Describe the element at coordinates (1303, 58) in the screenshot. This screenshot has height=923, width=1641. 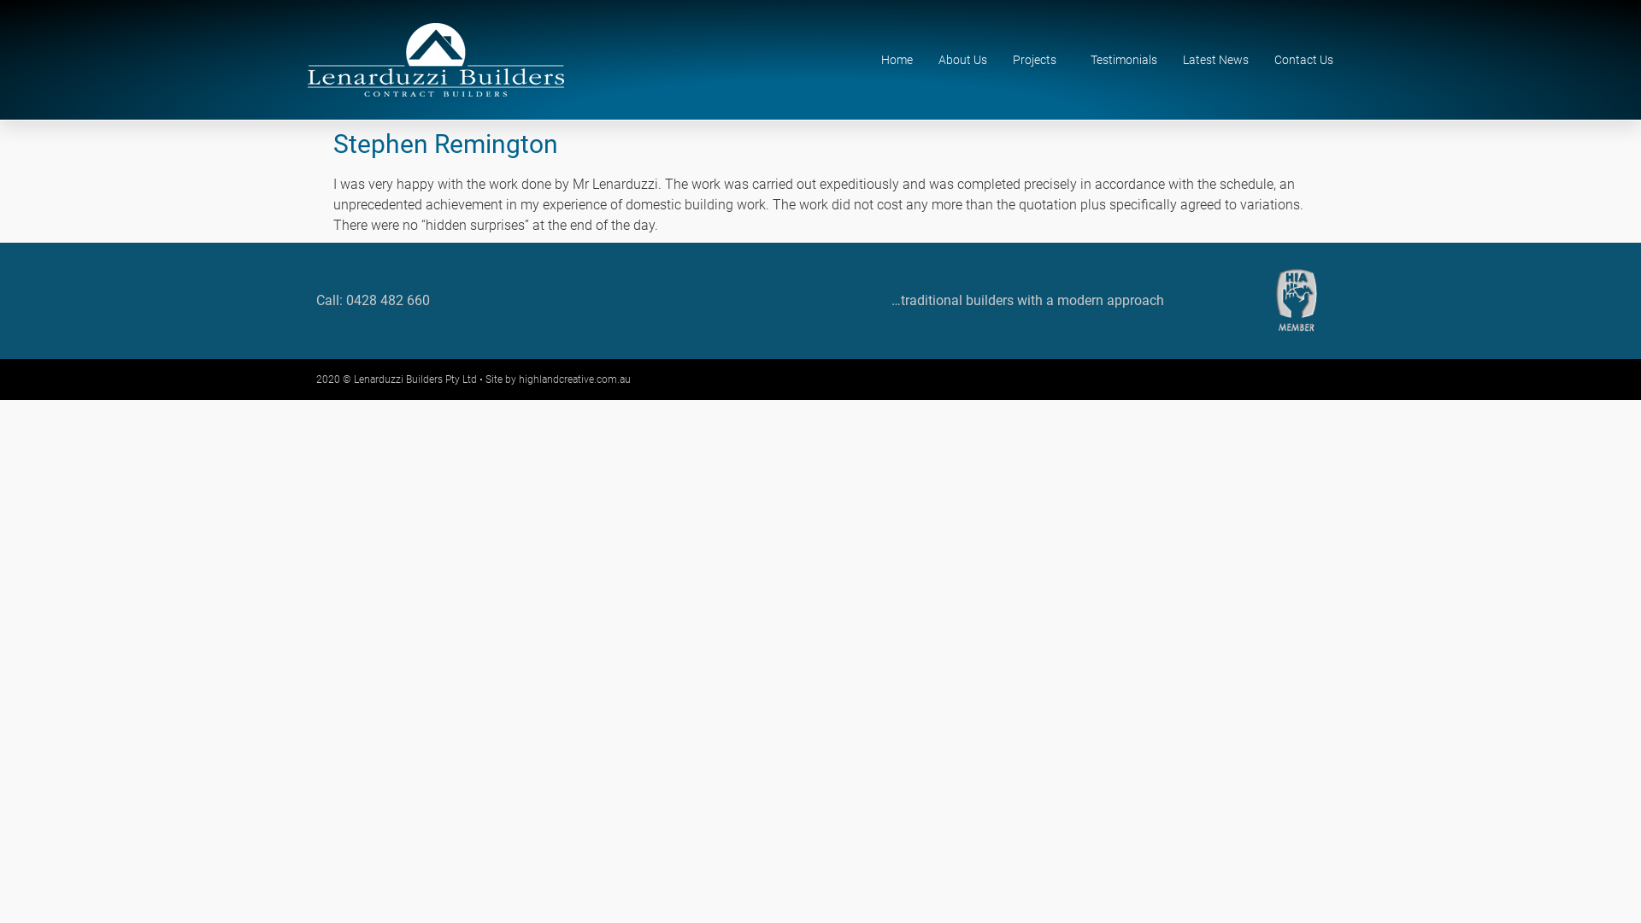
I see `'Contact Us'` at that location.